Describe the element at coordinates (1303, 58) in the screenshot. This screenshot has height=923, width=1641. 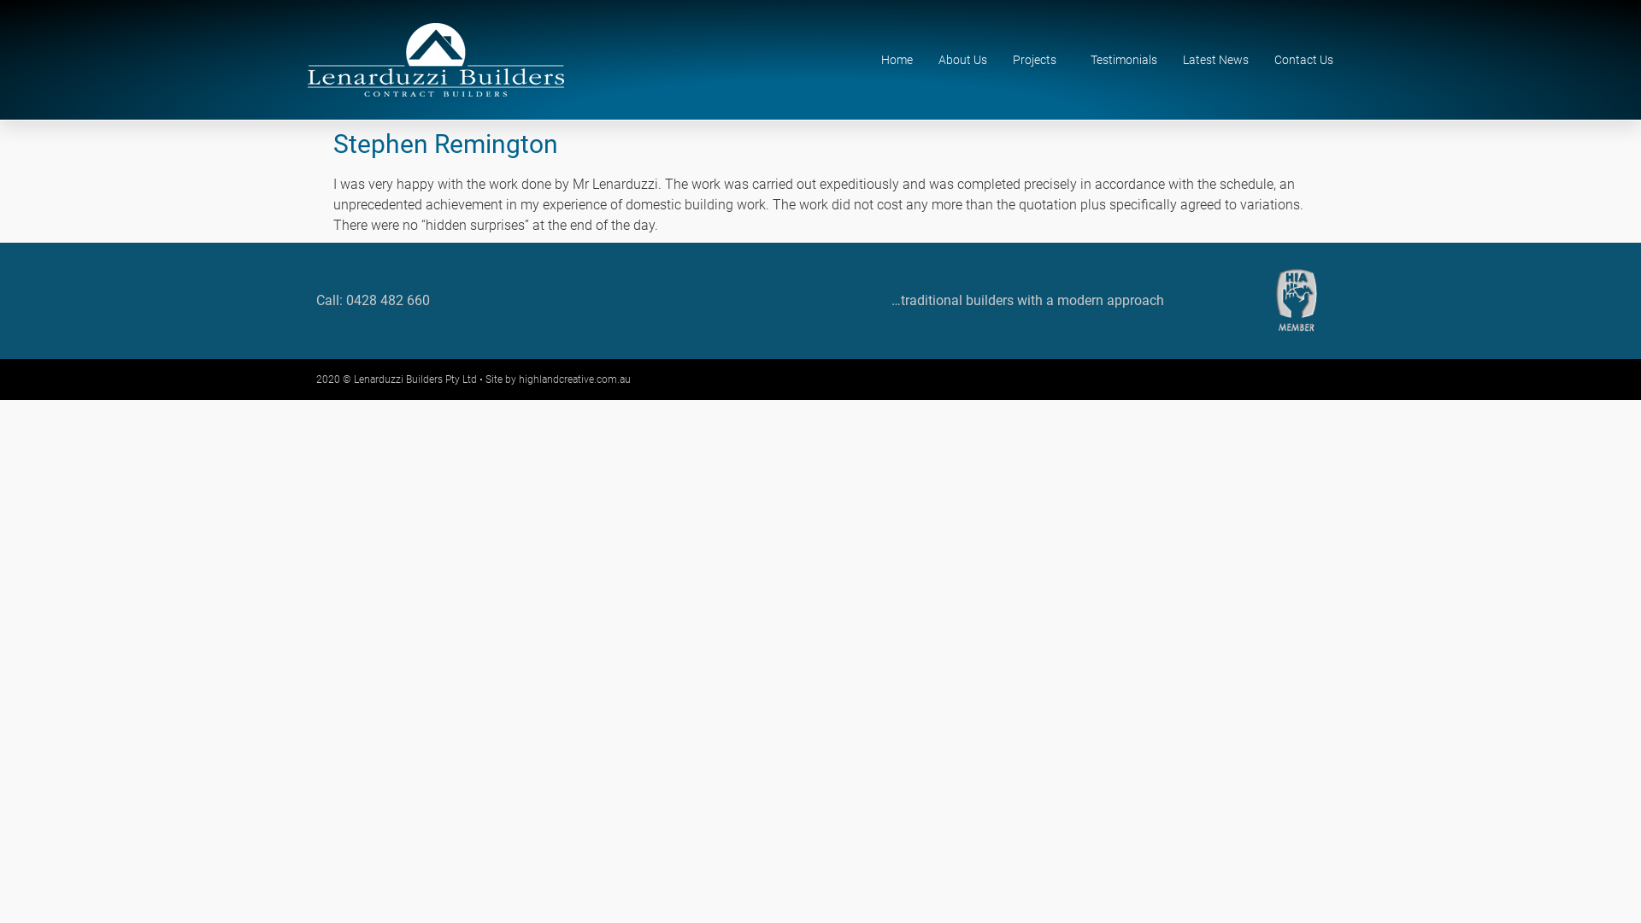
I see `'Contact Us'` at that location.